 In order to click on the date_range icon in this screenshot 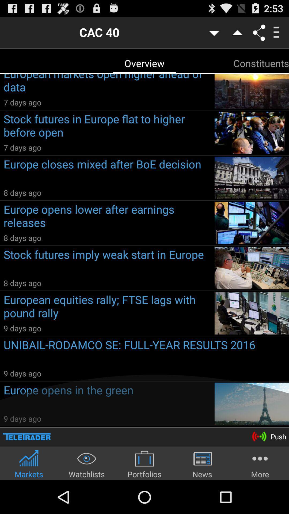, I will do `click(26, 467)`.